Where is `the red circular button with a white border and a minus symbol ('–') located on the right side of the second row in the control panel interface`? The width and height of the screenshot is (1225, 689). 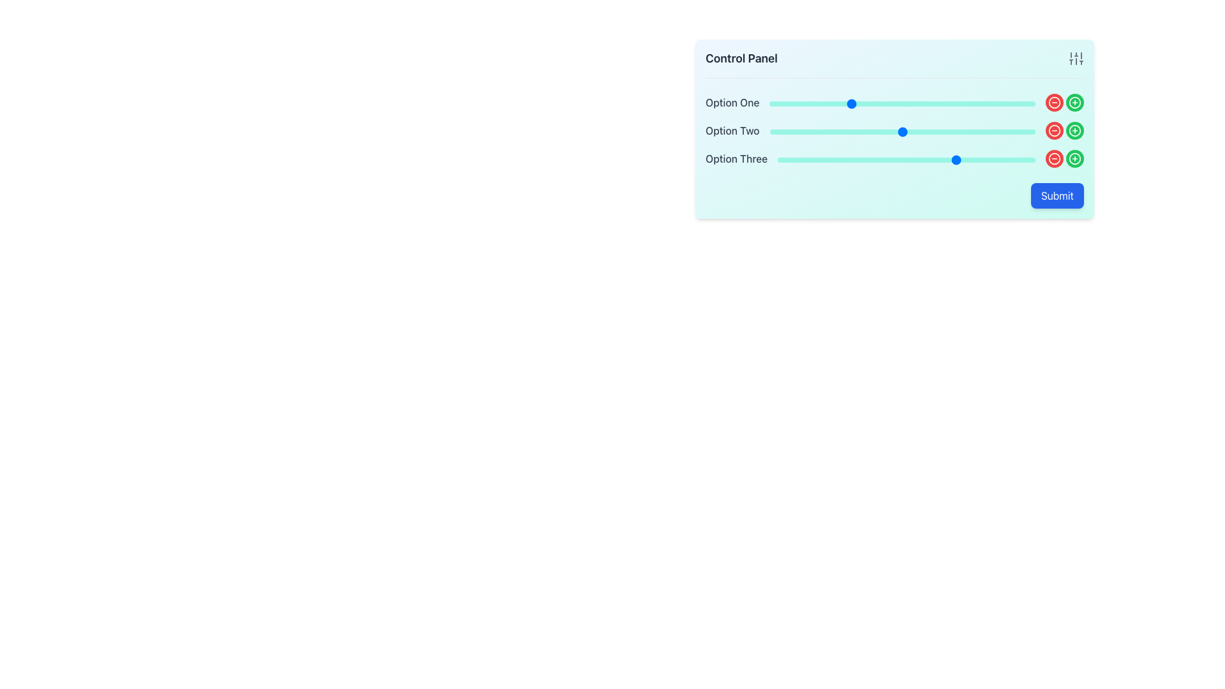 the red circular button with a white border and a minus symbol ('–') located on the right side of the second row in the control panel interface is located at coordinates (1054, 130).